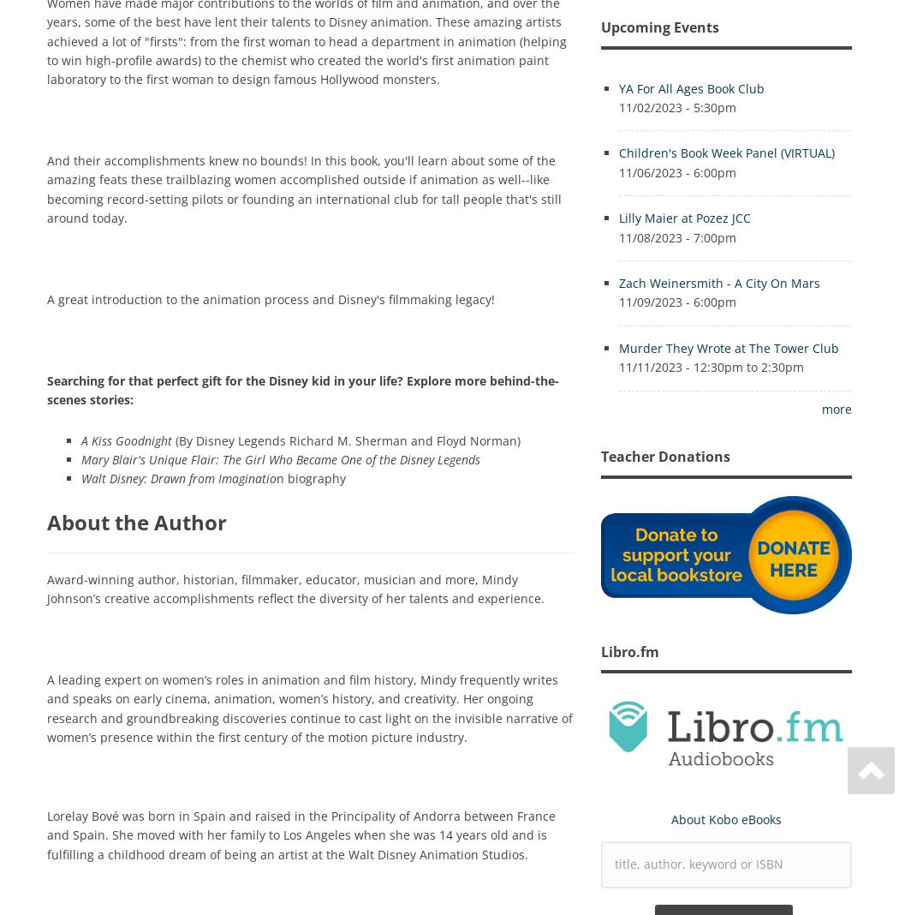 This screenshot has height=915, width=899. What do you see at coordinates (309, 706) in the screenshot?
I see `'A leading expert on women’s roles in animation and film history, Mindy frequently writes and speaks on early cinema, animation, women’s history, and creativity. Her ongoing research and groundbreaking discoveries continue to cast light on the invisible narrative of women’s presence within the first century of the motion picture industry.'` at bounding box center [309, 706].